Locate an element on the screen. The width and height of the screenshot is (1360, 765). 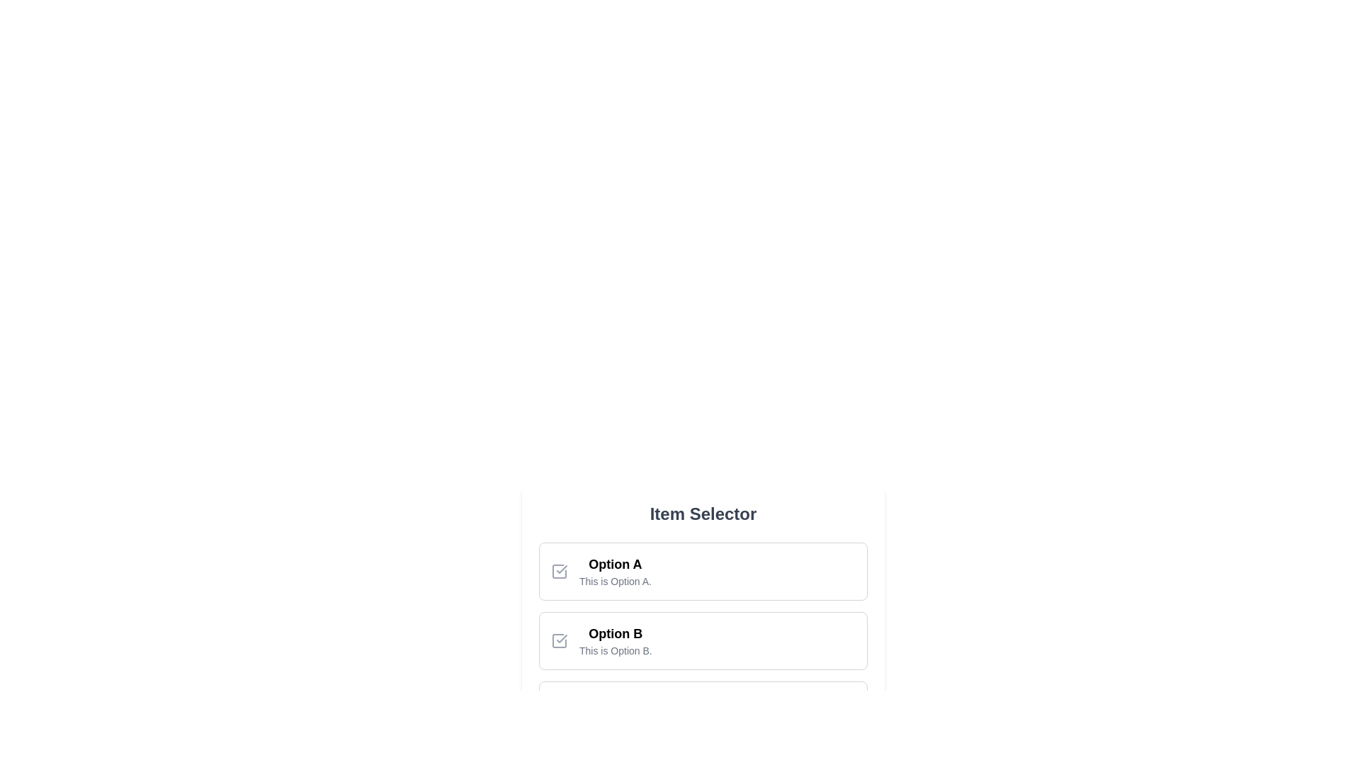
the graphical check symbol icon representing a completed action in the Option B section is located at coordinates (561, 639).